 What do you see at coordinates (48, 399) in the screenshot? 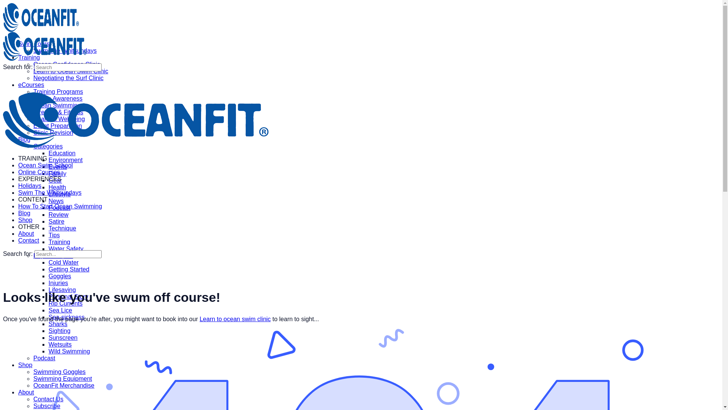
I see `'Contact Us'` at bounding box center [48, 399].